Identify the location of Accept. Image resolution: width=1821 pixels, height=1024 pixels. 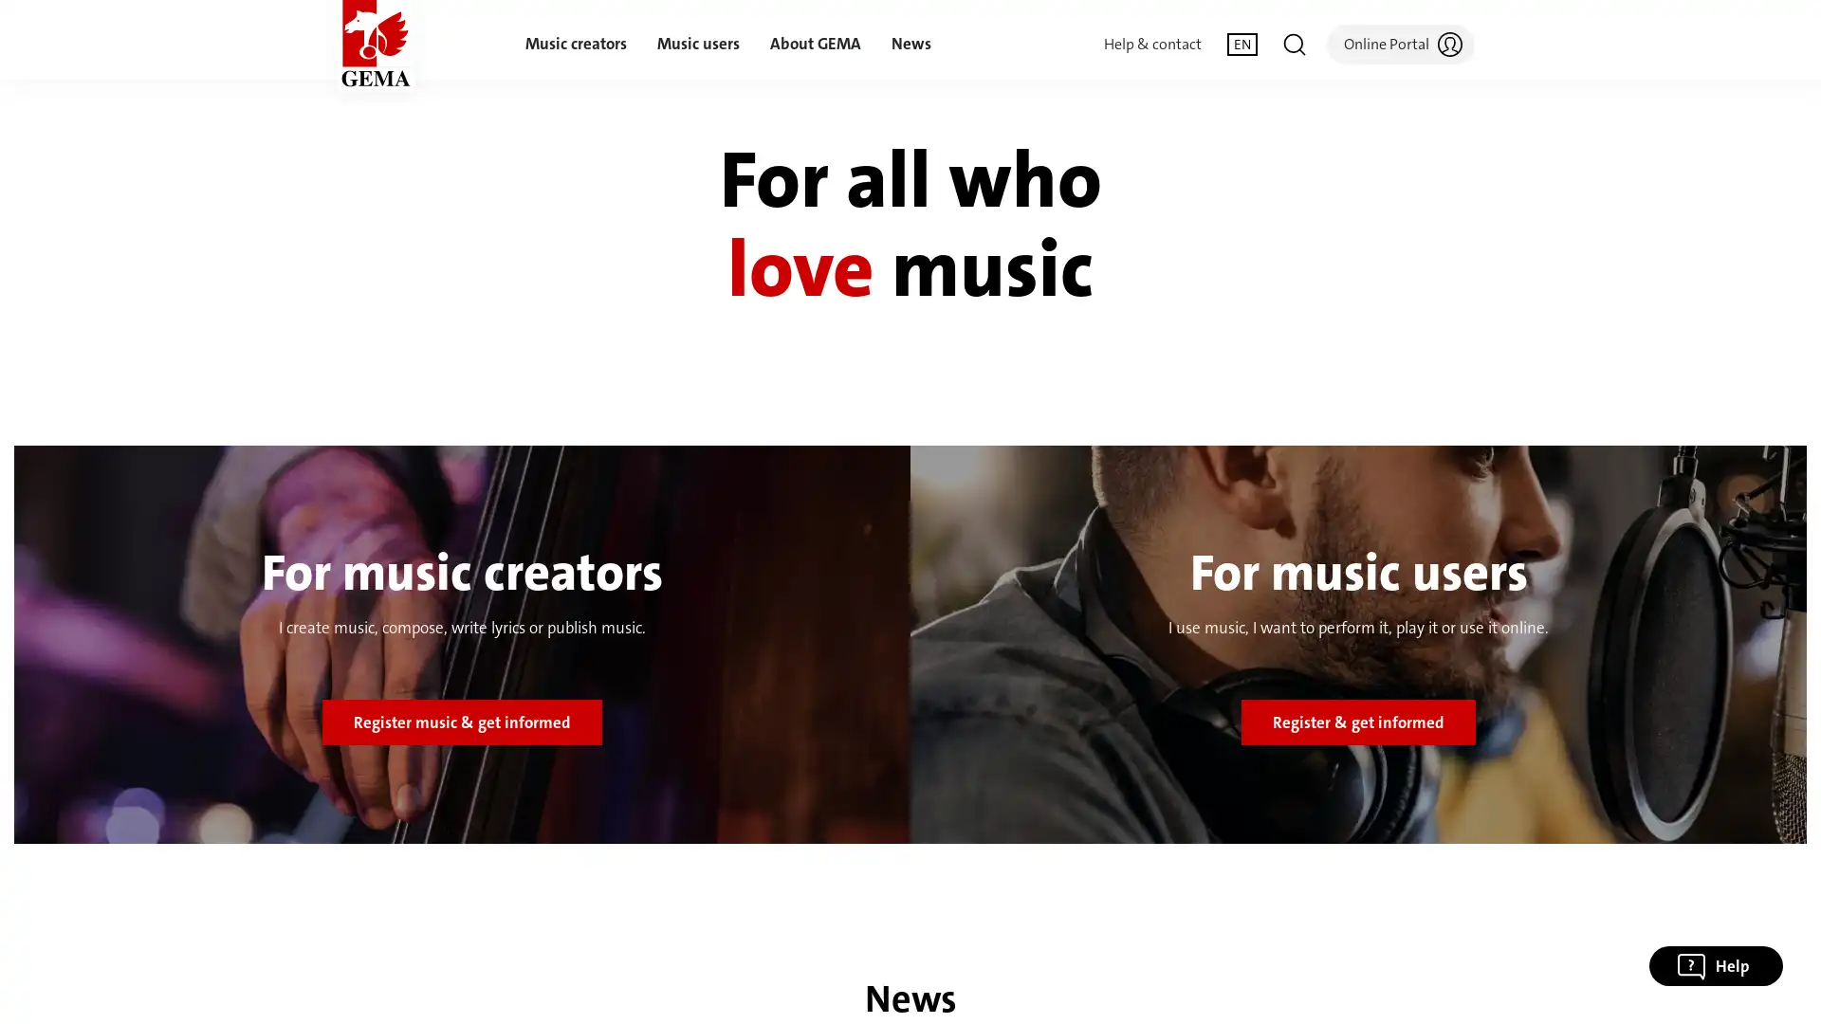
(1432, 905).